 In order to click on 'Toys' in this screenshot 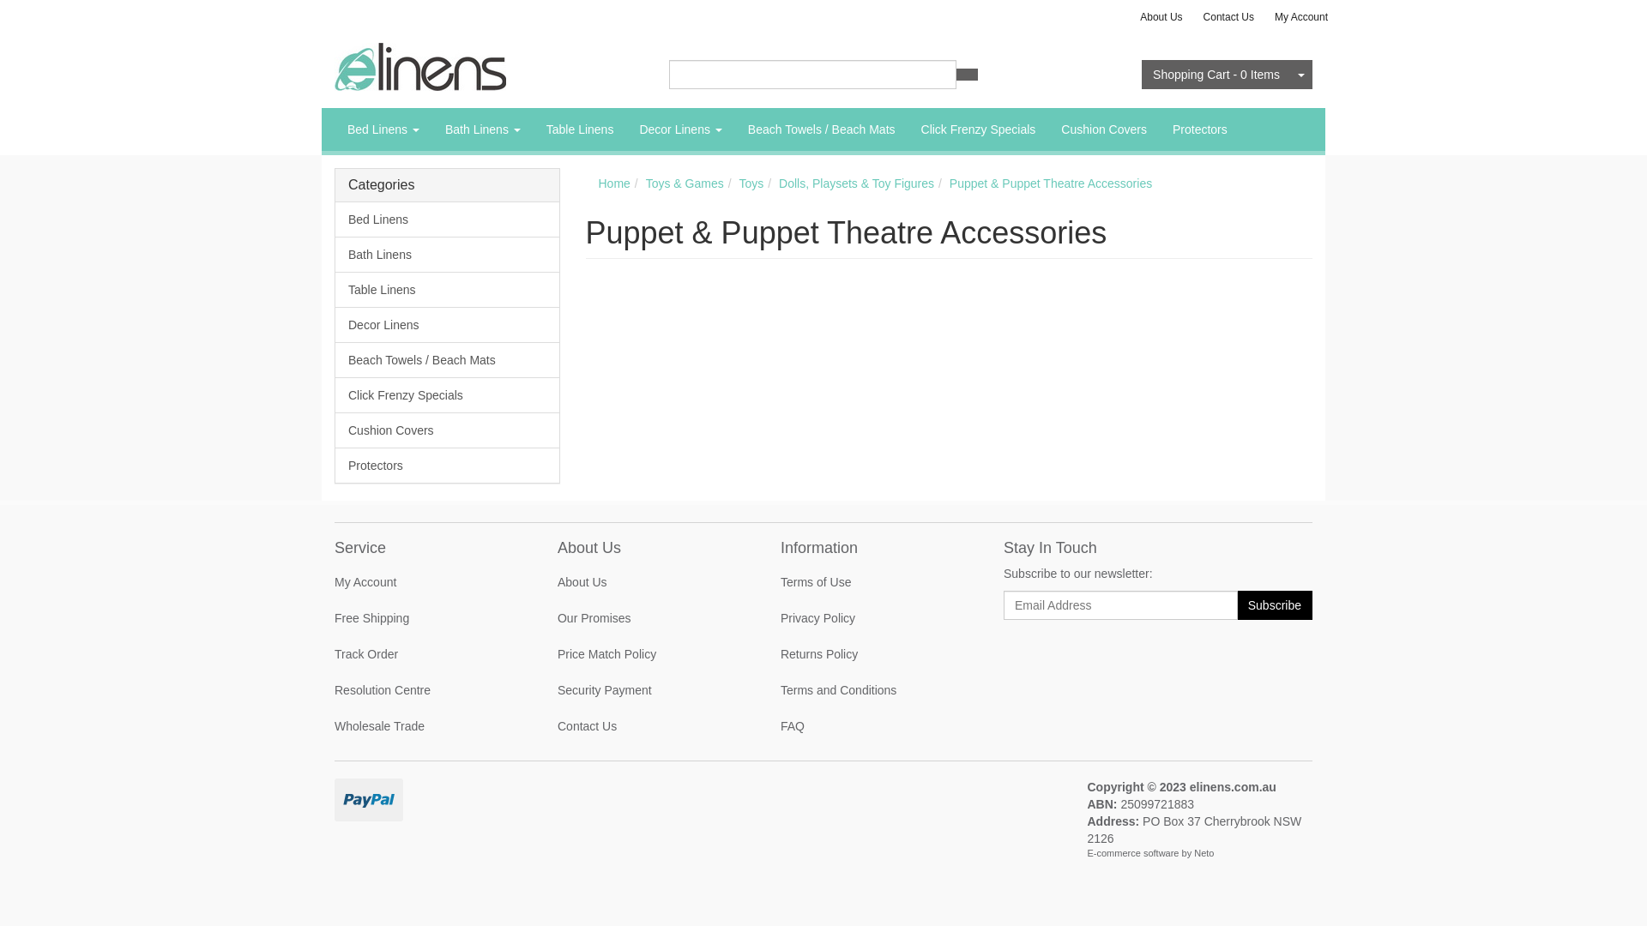, I will do `click(738, 183)`.